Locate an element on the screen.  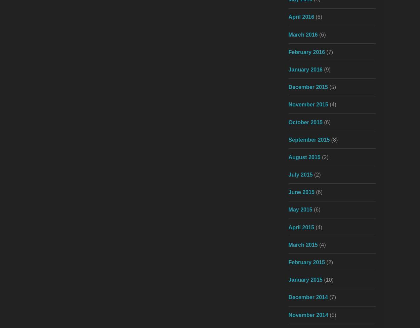
'March 2015' is located at coordinates (303, 244).